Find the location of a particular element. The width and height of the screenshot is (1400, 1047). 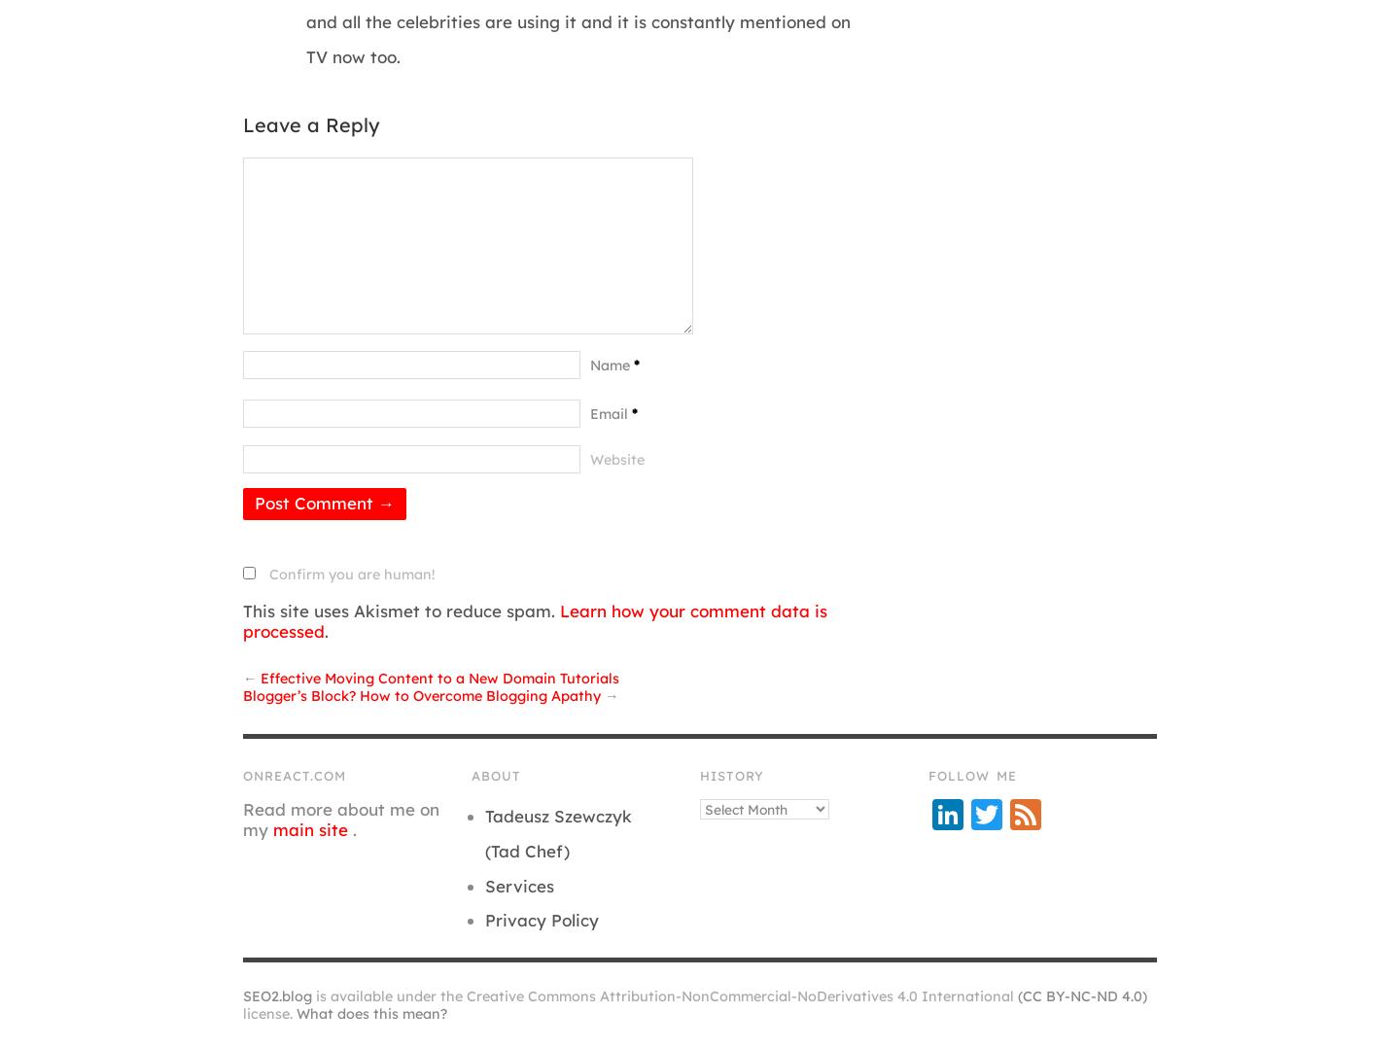

'Follow Me' is located at coordinates (971, 775).